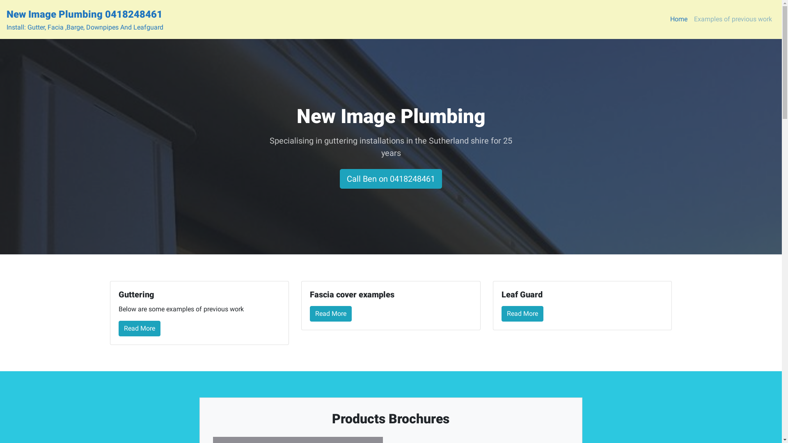 The width and height of the screenshot is (788, 443). Describe the element at coordinates (309, 313) in the screenshot. I see `'Read More'` at that location.